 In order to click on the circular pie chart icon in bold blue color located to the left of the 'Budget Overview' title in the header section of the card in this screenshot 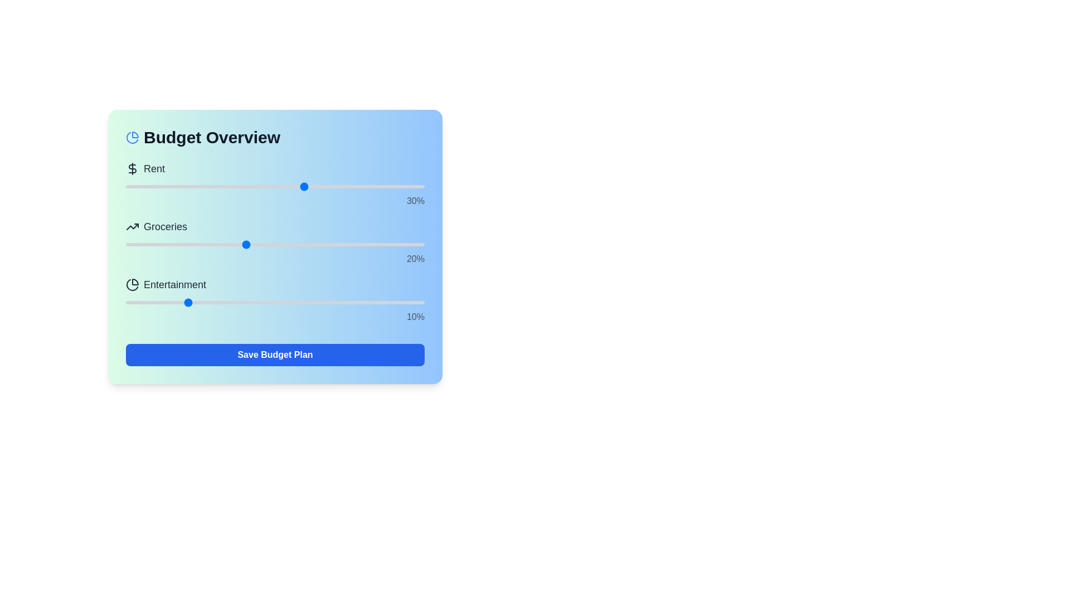, I will do `click(133, 137)`.